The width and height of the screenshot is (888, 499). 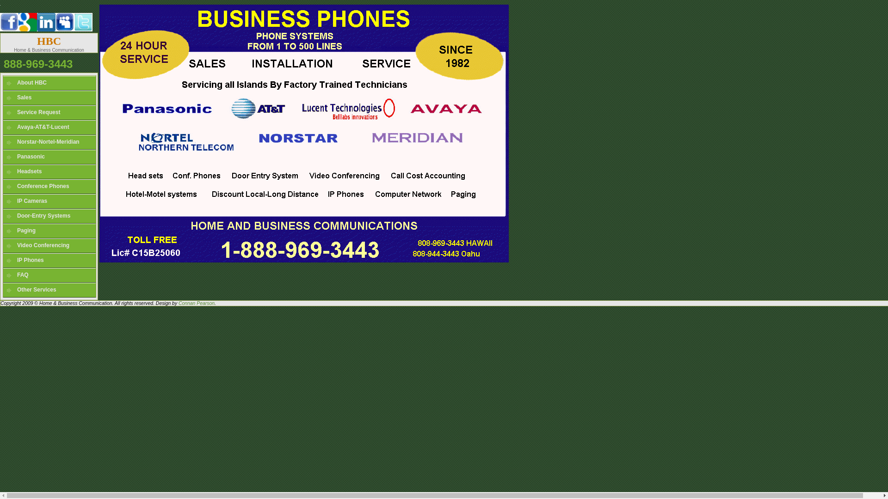 What do you see at coordinates (49, 156) in the screenshot?
I see `'Panasonic'` at bounding box center [49, 156].